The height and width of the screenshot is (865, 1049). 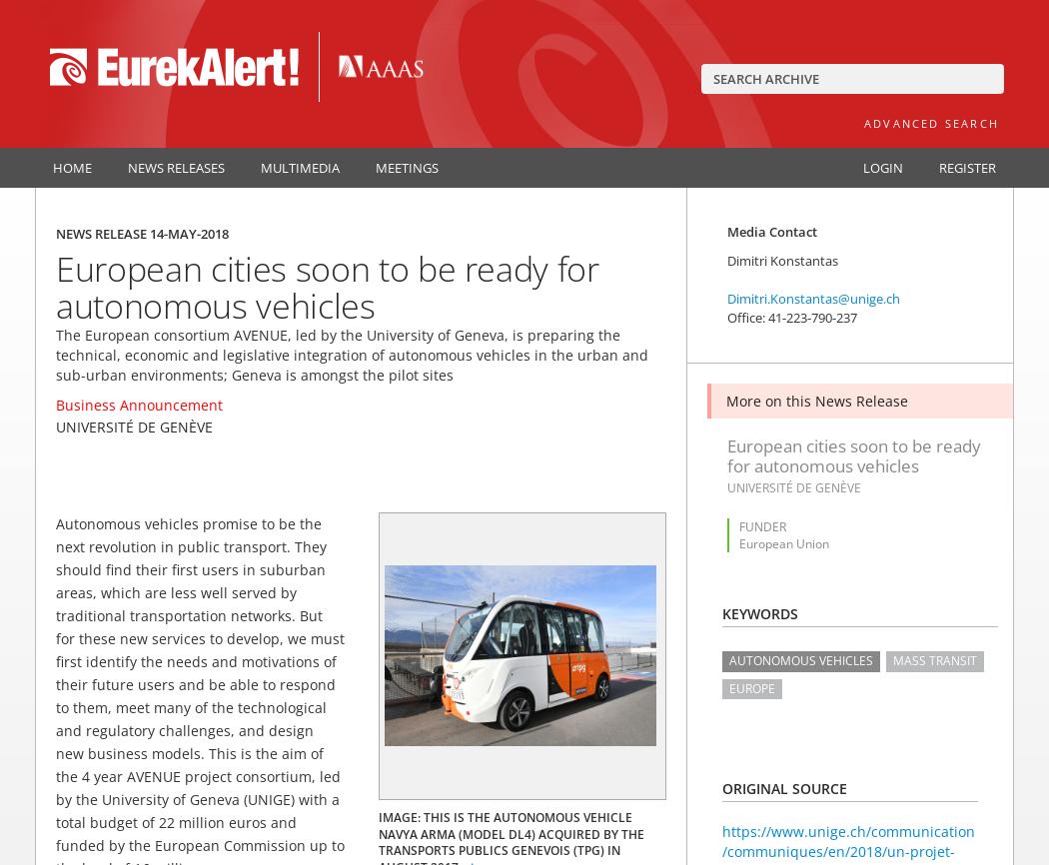 What do you see at coordinates (782, 260) in the screenshot?
I see `'Dimitri Konstantas'` at bounding box center [782, 260].